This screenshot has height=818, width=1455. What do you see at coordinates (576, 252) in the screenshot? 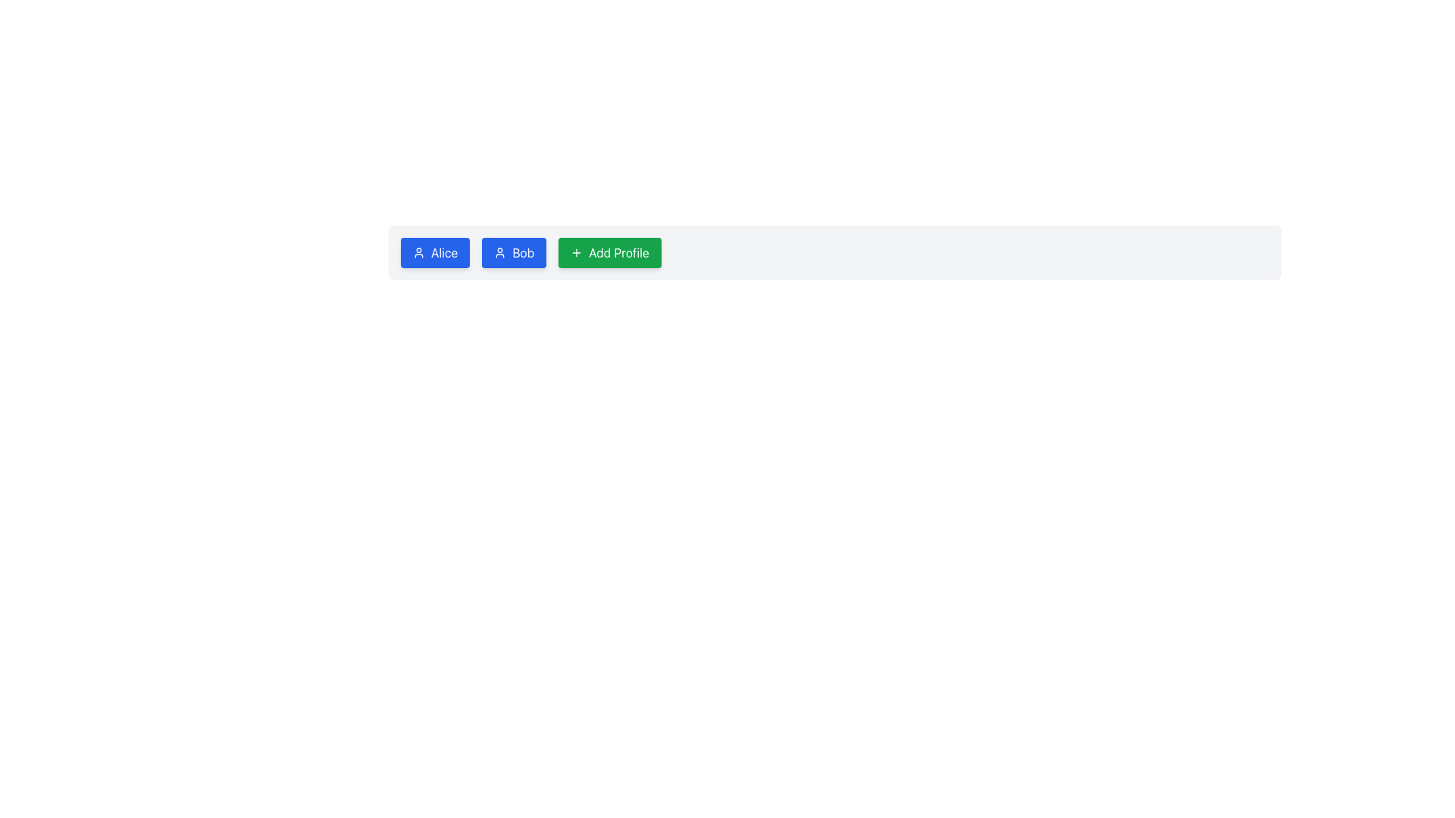
I see `the small green button with a white plus sign inside, which is located at the top-right corner of the 'Add Profile' button` at bounding box center [576, 252].